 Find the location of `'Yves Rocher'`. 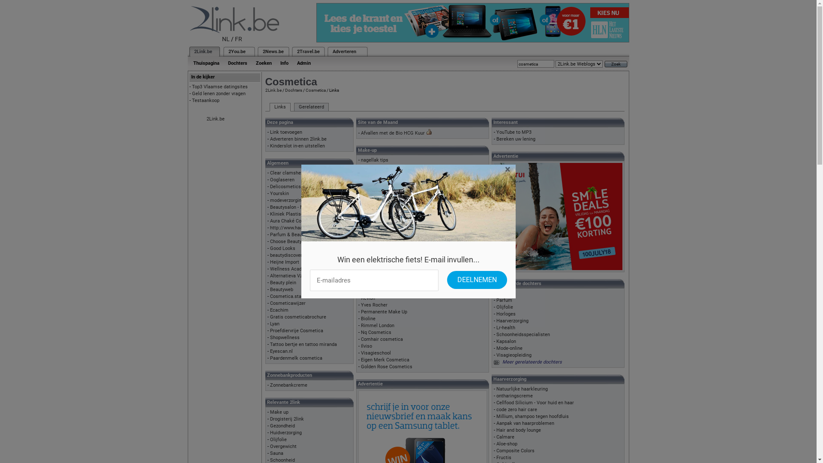

'Yves Rocher' is located at coordinates (374, 304).